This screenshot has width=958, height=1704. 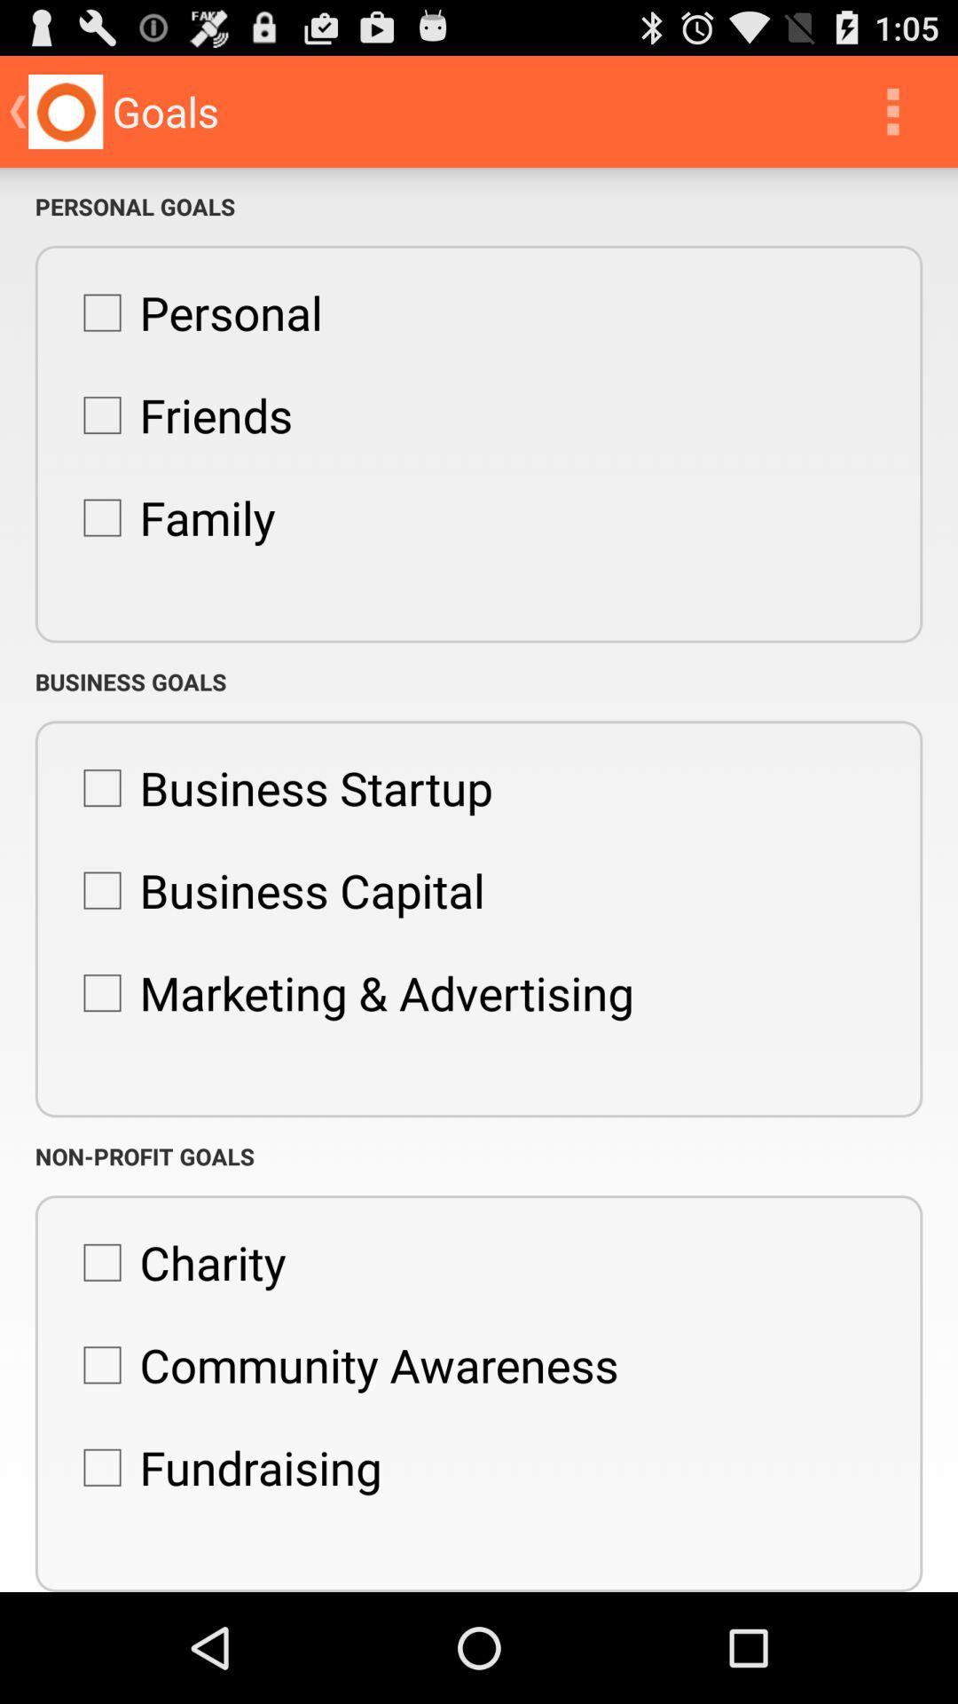 What do you see at coordinates (349, 991) in the screenshot?
I see `the marketing & advertising item` at bounding box center [349, 991].